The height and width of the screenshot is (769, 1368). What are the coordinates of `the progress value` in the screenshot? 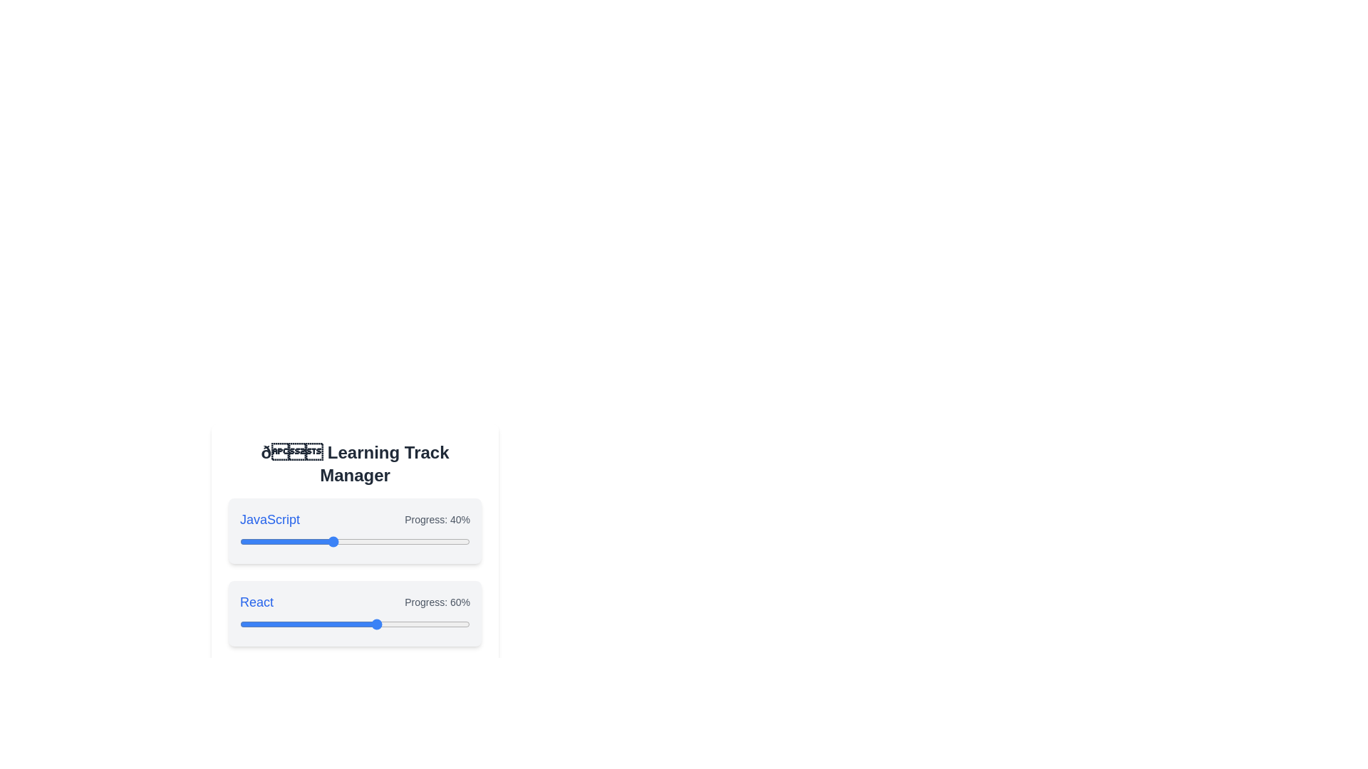 It's located at (249, 623).